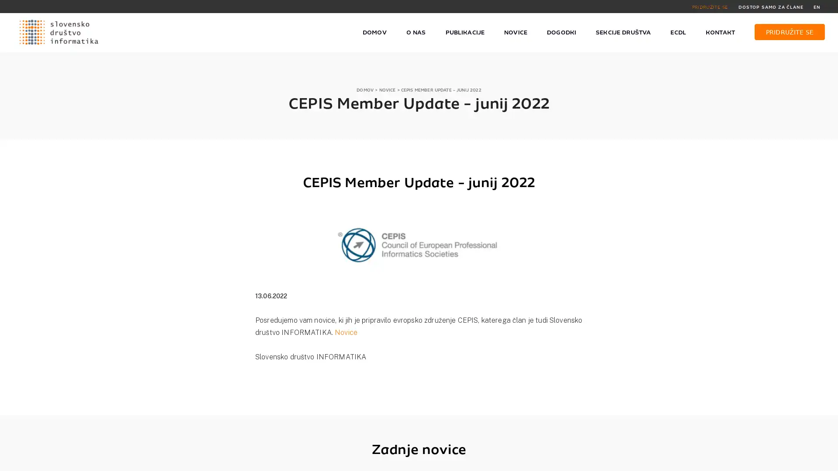 The height and width of the screenshot is (471, 838). What do you see at coordinates (561, 459) in the screenshot?
I see `Sprejmi piskotke` at bounding box center [561, 459].